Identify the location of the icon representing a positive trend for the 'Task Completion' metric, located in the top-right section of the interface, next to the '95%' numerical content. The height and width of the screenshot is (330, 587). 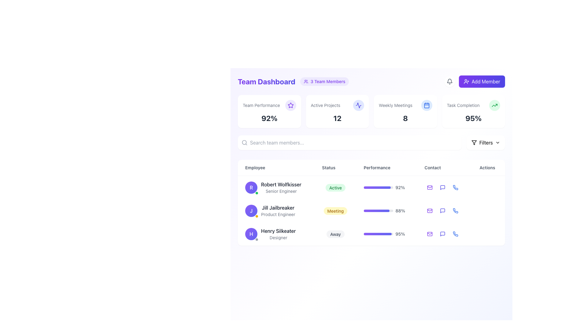
(494, 105).